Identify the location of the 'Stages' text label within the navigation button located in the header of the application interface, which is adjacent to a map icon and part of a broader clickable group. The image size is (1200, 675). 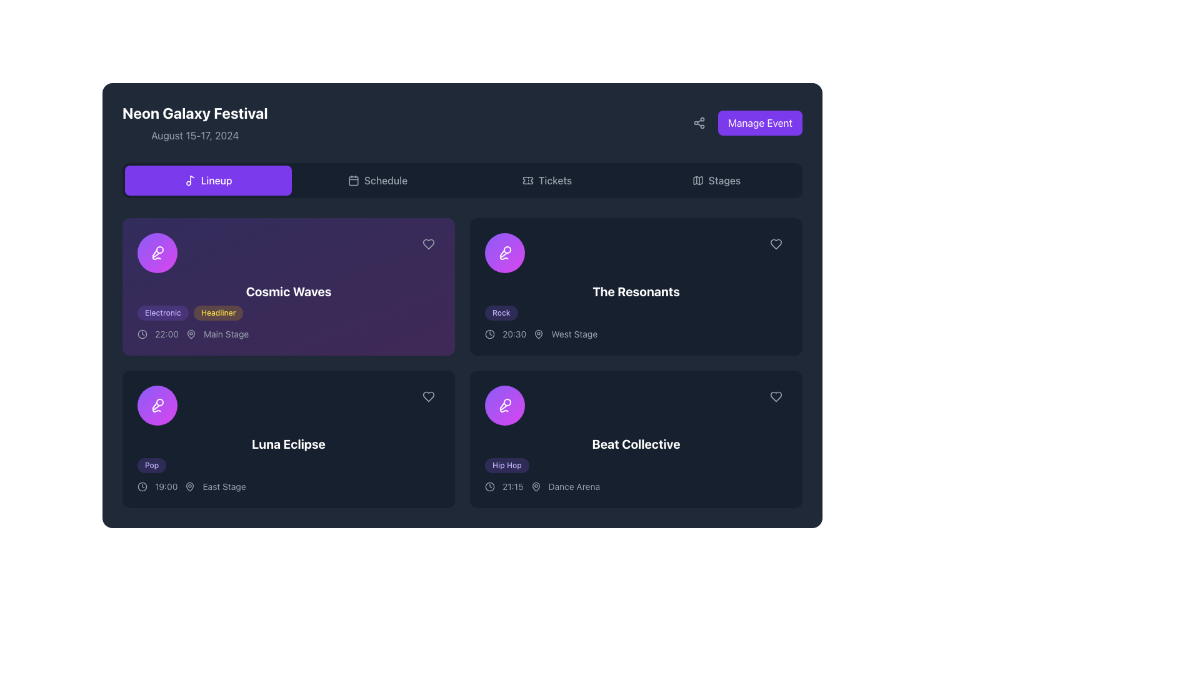
(724, 181).